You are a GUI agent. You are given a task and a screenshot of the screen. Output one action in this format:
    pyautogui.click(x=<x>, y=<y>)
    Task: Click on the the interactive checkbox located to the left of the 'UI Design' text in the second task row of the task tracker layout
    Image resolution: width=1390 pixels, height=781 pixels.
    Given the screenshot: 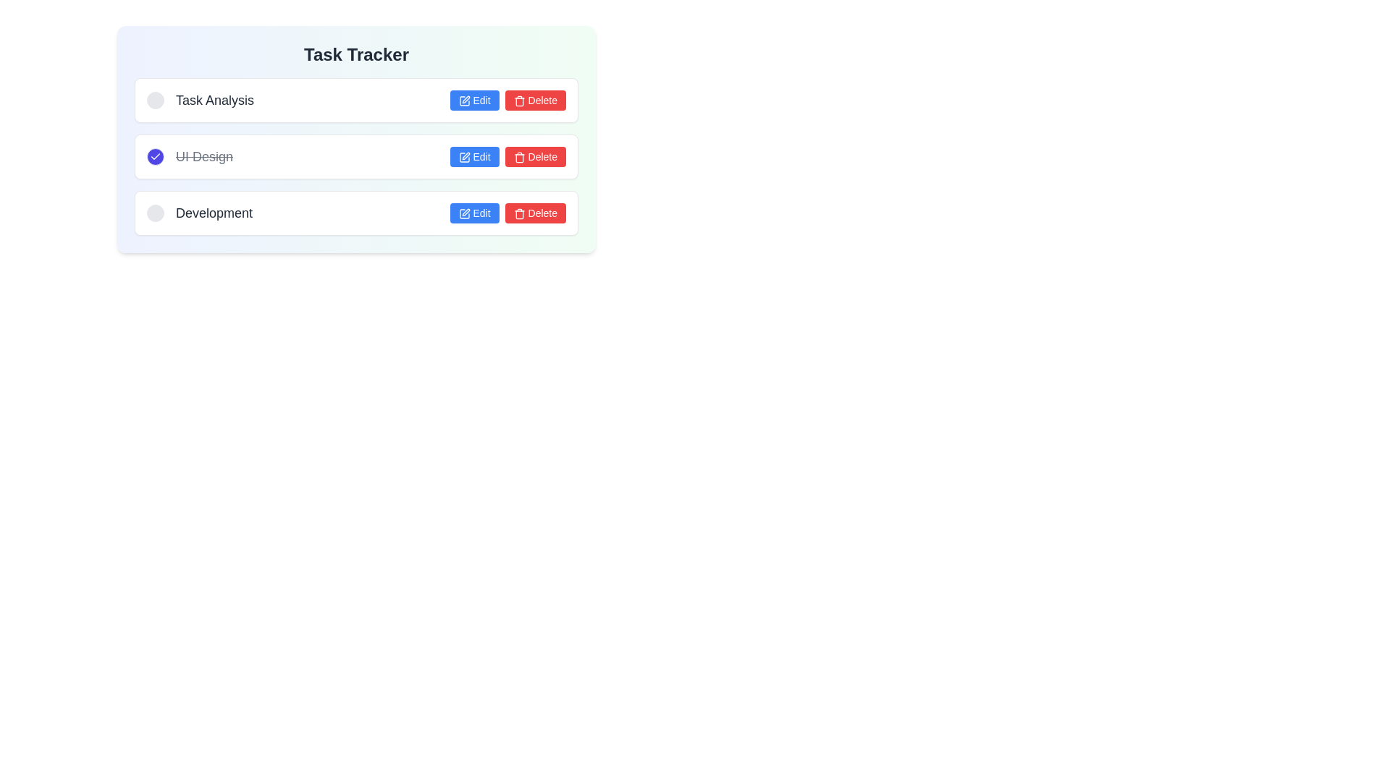 What is the action you would take?
    pyautogui.click(x=156, y=156)
    